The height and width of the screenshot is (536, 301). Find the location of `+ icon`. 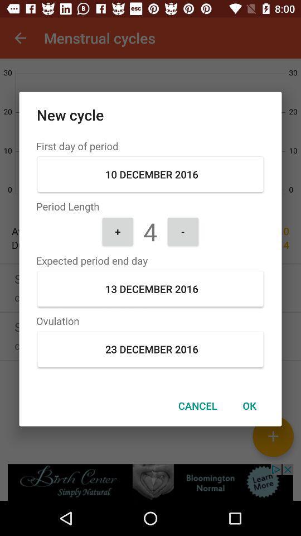

+ icon is located at coordinates (117, 231).